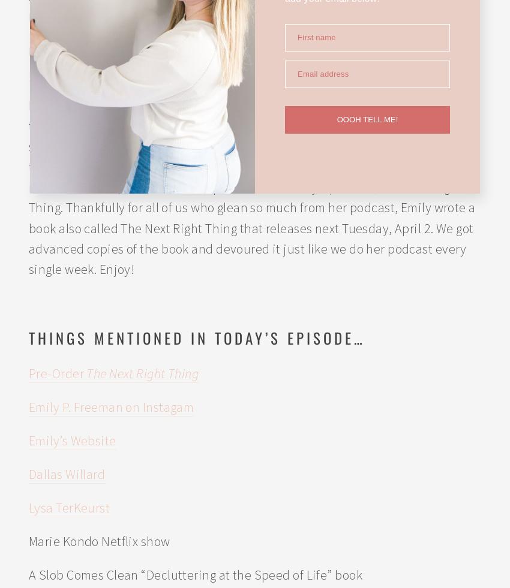  I want to click on 'Emily is a wife, mom, author and podcast host. She’s also a founder of', so click(222, 50).